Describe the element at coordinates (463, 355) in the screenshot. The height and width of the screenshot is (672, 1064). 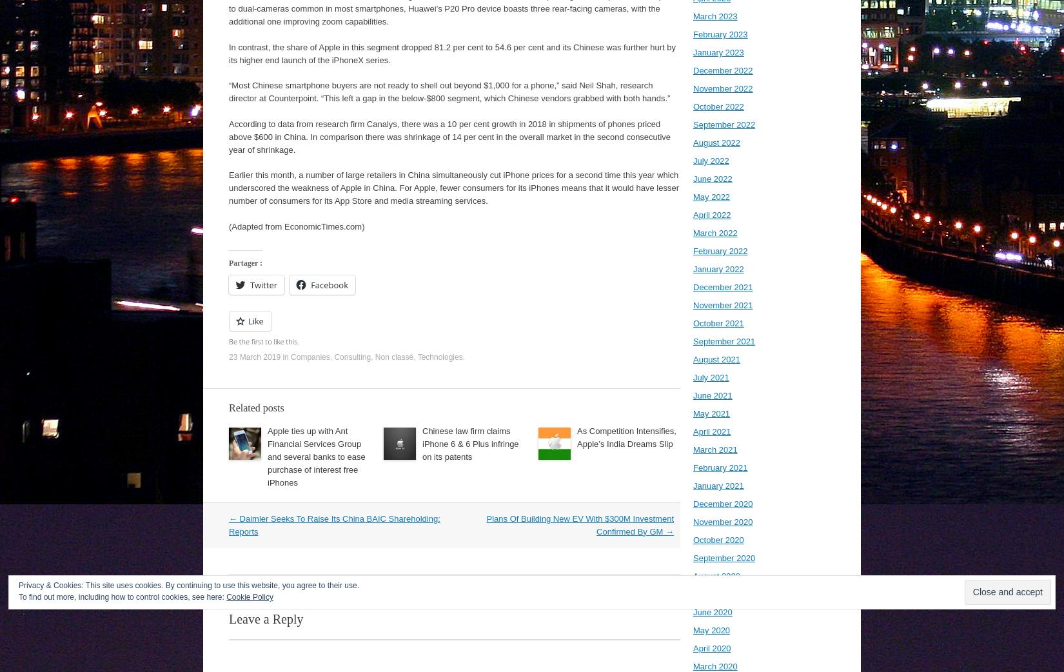
I see `'.'` at that location.